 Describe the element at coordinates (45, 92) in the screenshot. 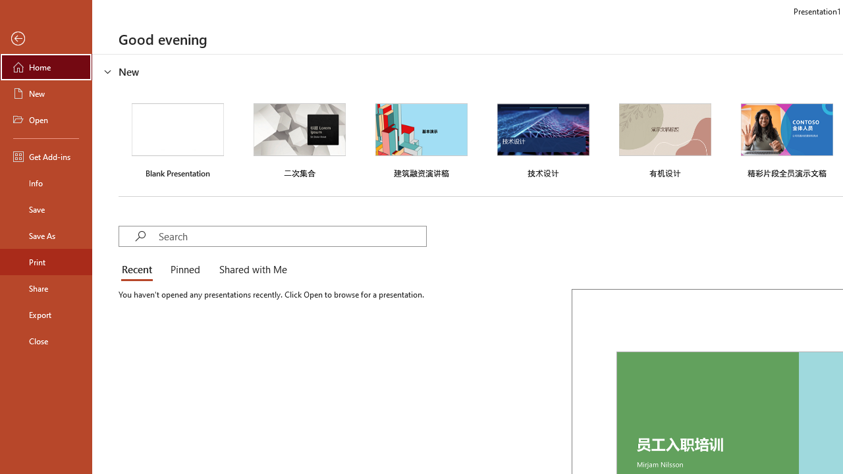

I see `'New'` at that location.